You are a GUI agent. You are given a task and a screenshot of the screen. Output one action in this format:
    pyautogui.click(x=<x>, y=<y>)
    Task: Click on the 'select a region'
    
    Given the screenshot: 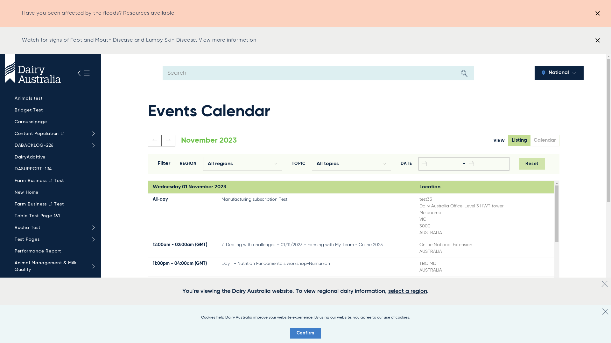 What is the action you would take?
    pyautogui.click(x=408, y=291)
    